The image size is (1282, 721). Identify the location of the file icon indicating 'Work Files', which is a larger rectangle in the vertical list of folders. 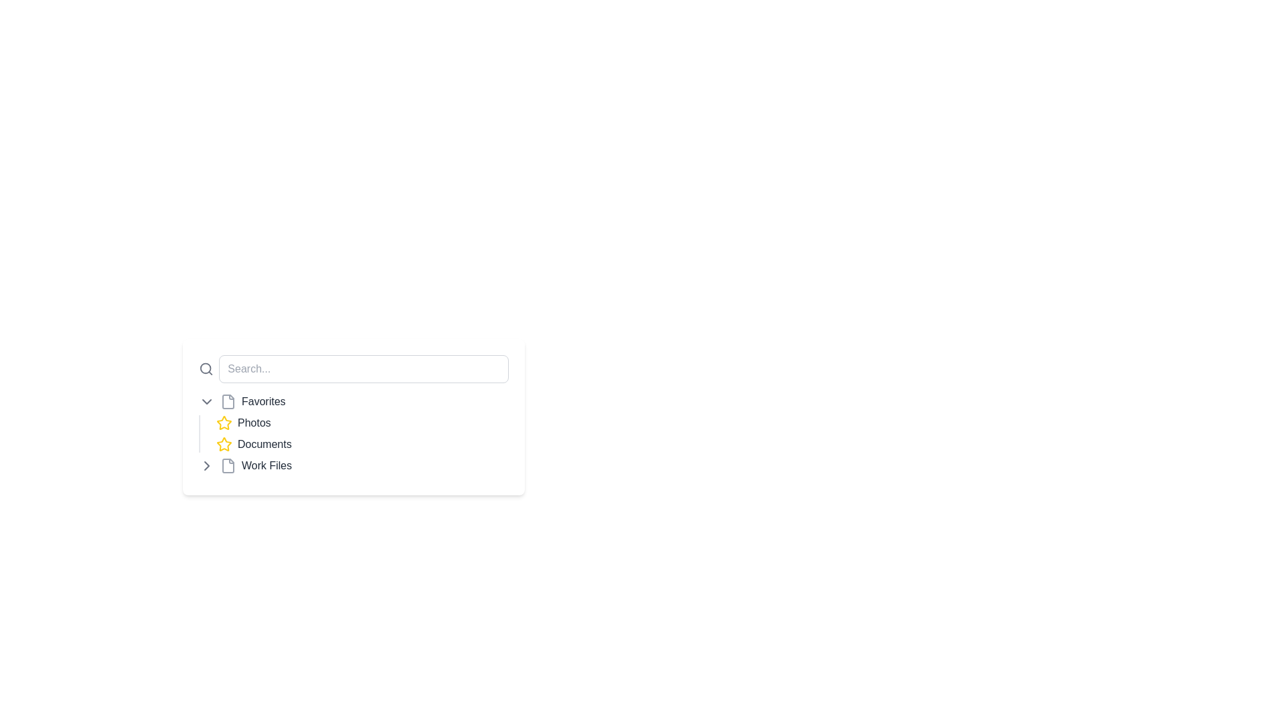
(228, 465).